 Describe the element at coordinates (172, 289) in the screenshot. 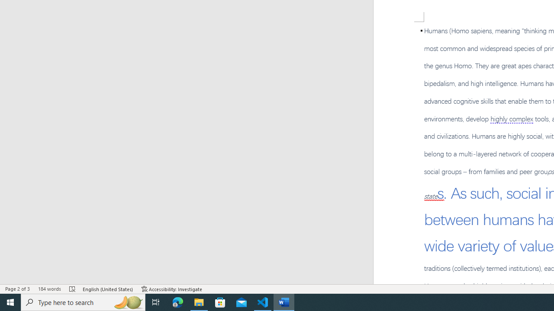

I see `'Accessibility Checker Accessibility: Investigate'` at that location.